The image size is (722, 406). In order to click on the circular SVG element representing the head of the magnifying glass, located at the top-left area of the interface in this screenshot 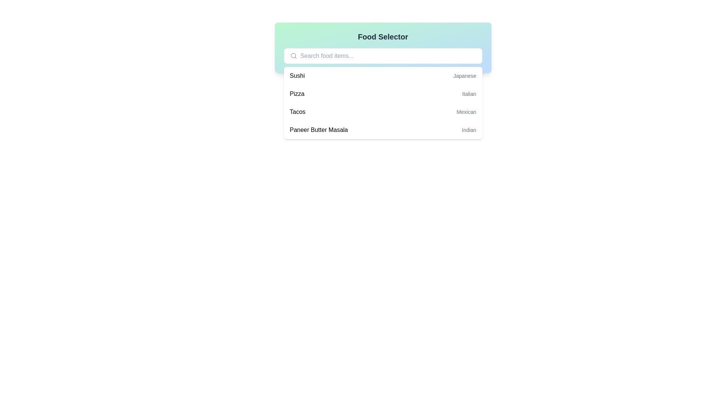, I will do `click(293, 55)`.